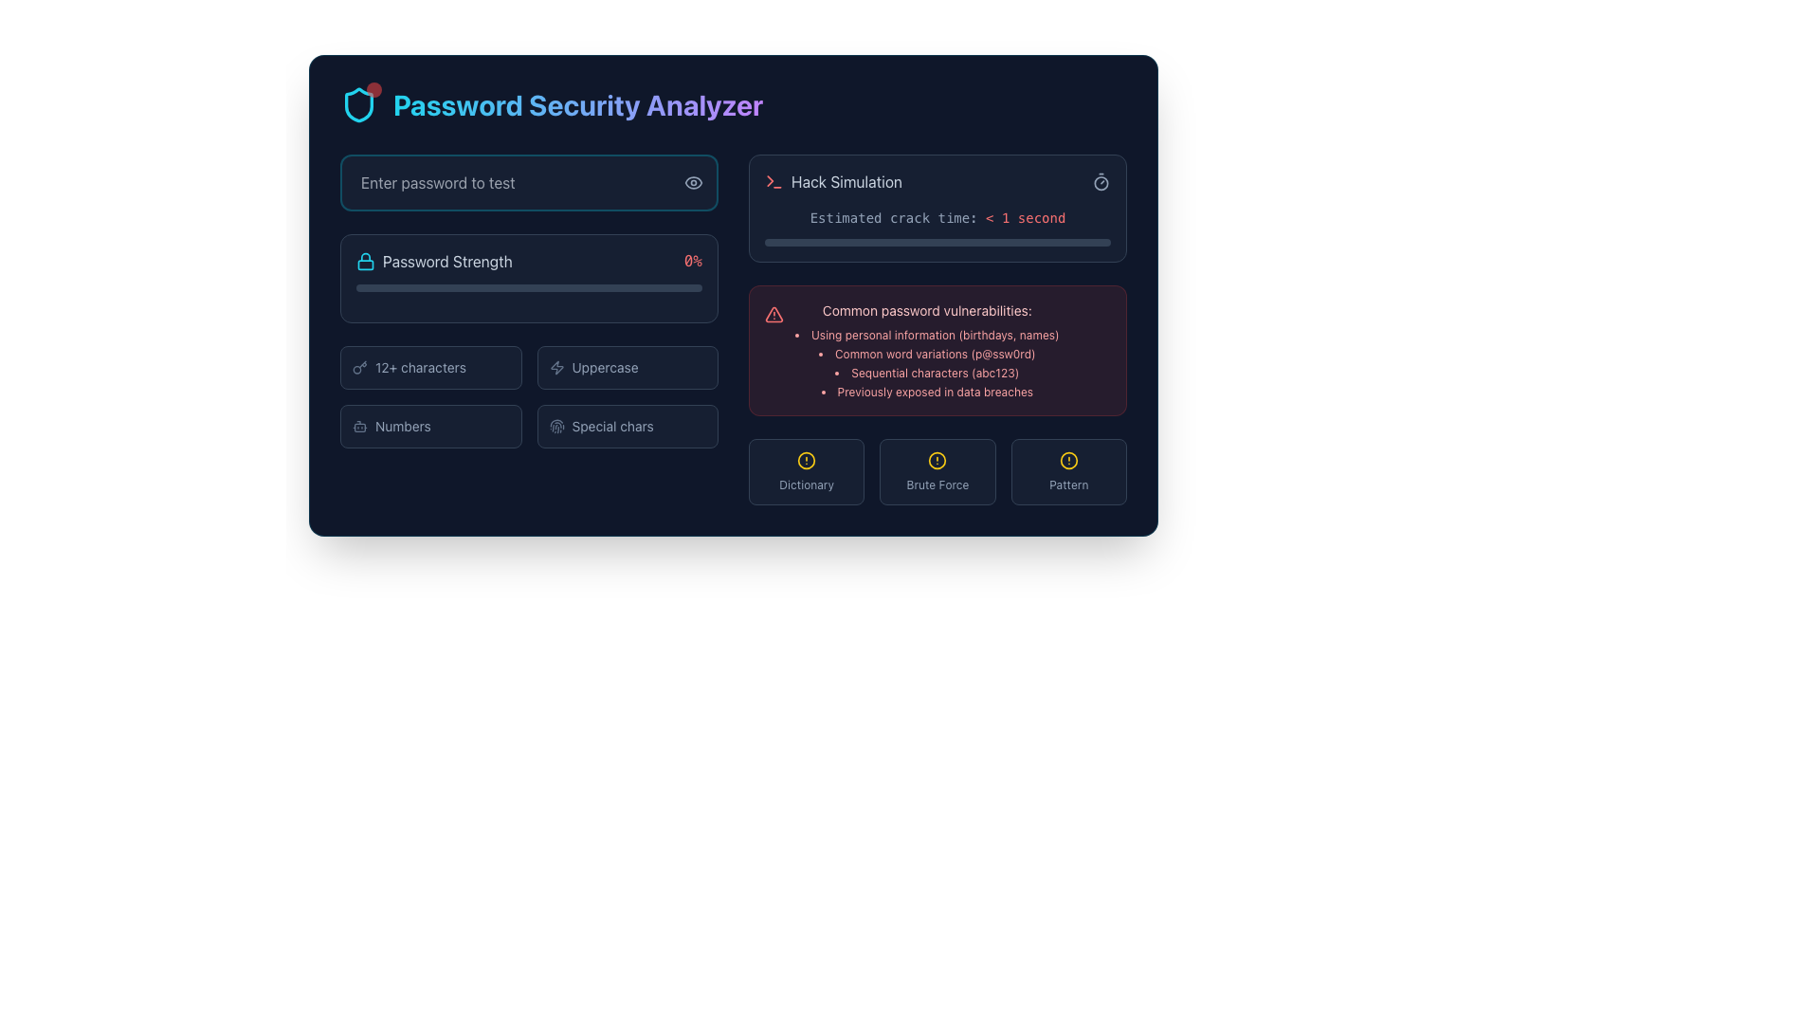 The height and width of the screenshot is (1024, 1820). What do you see at coordinates (937, 461) in the screenshot?
I see `the yellowish circular icon with a smaller alert symbol in the center, located in the 'Brute Force' section at the bottom center of the interface` at bounding box center [937, 461].